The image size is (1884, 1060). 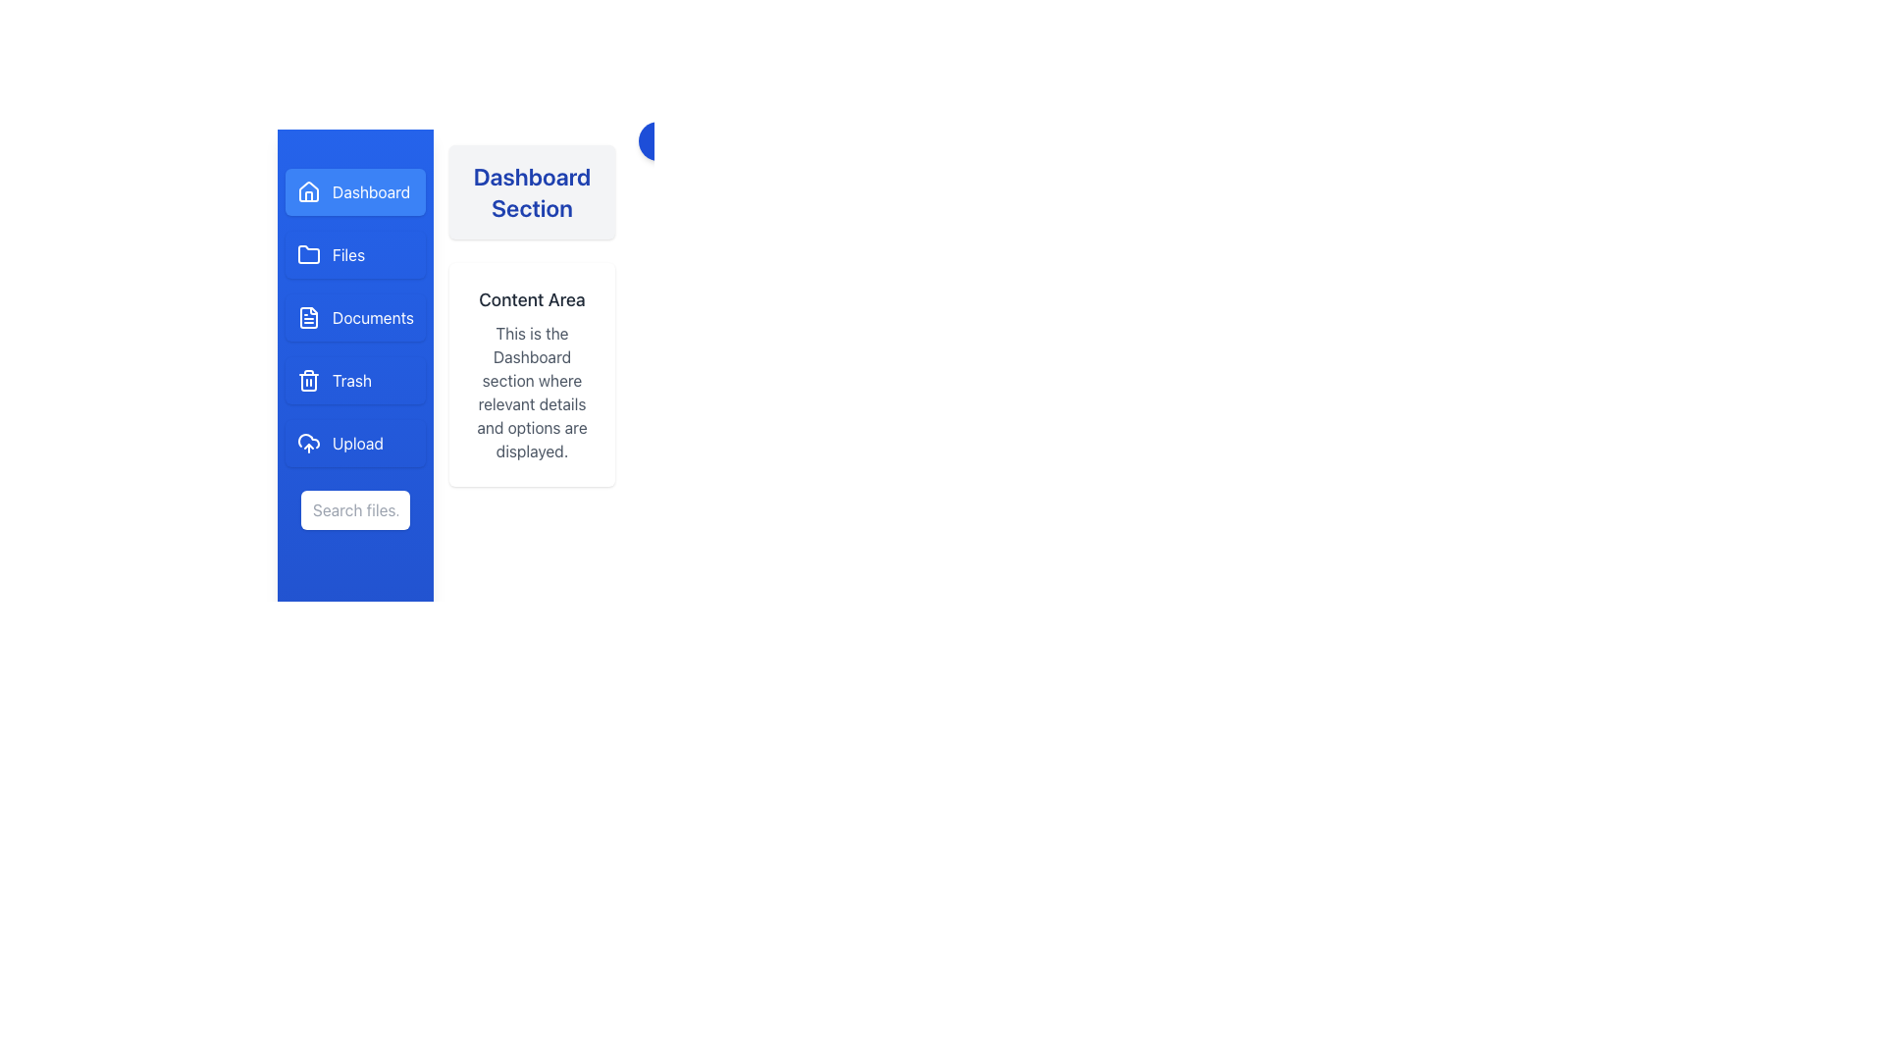 I want to click on the blue-buttoned label displaying 'Documents', so click(x=373, y=317).